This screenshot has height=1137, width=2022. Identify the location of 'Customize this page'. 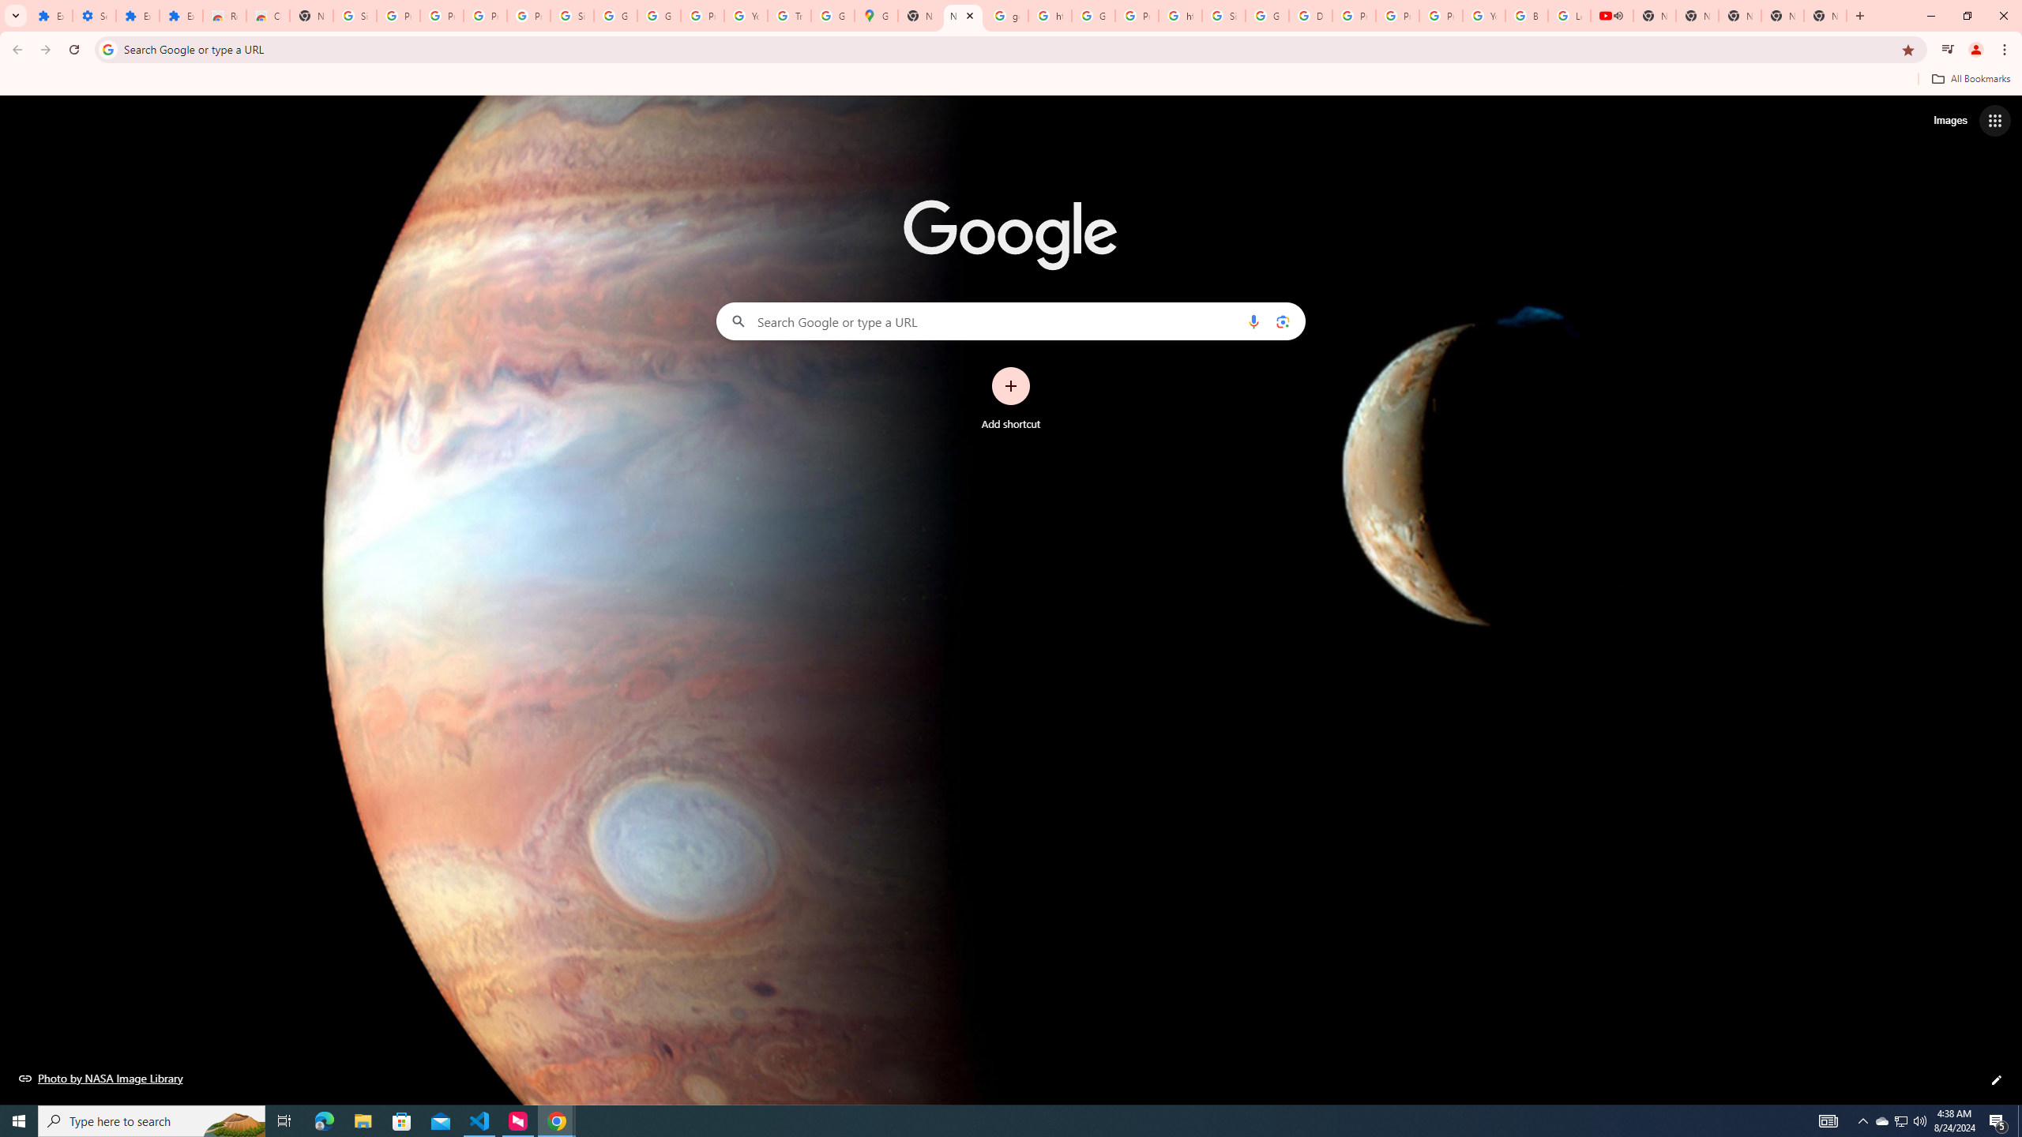
(1996, 1079).